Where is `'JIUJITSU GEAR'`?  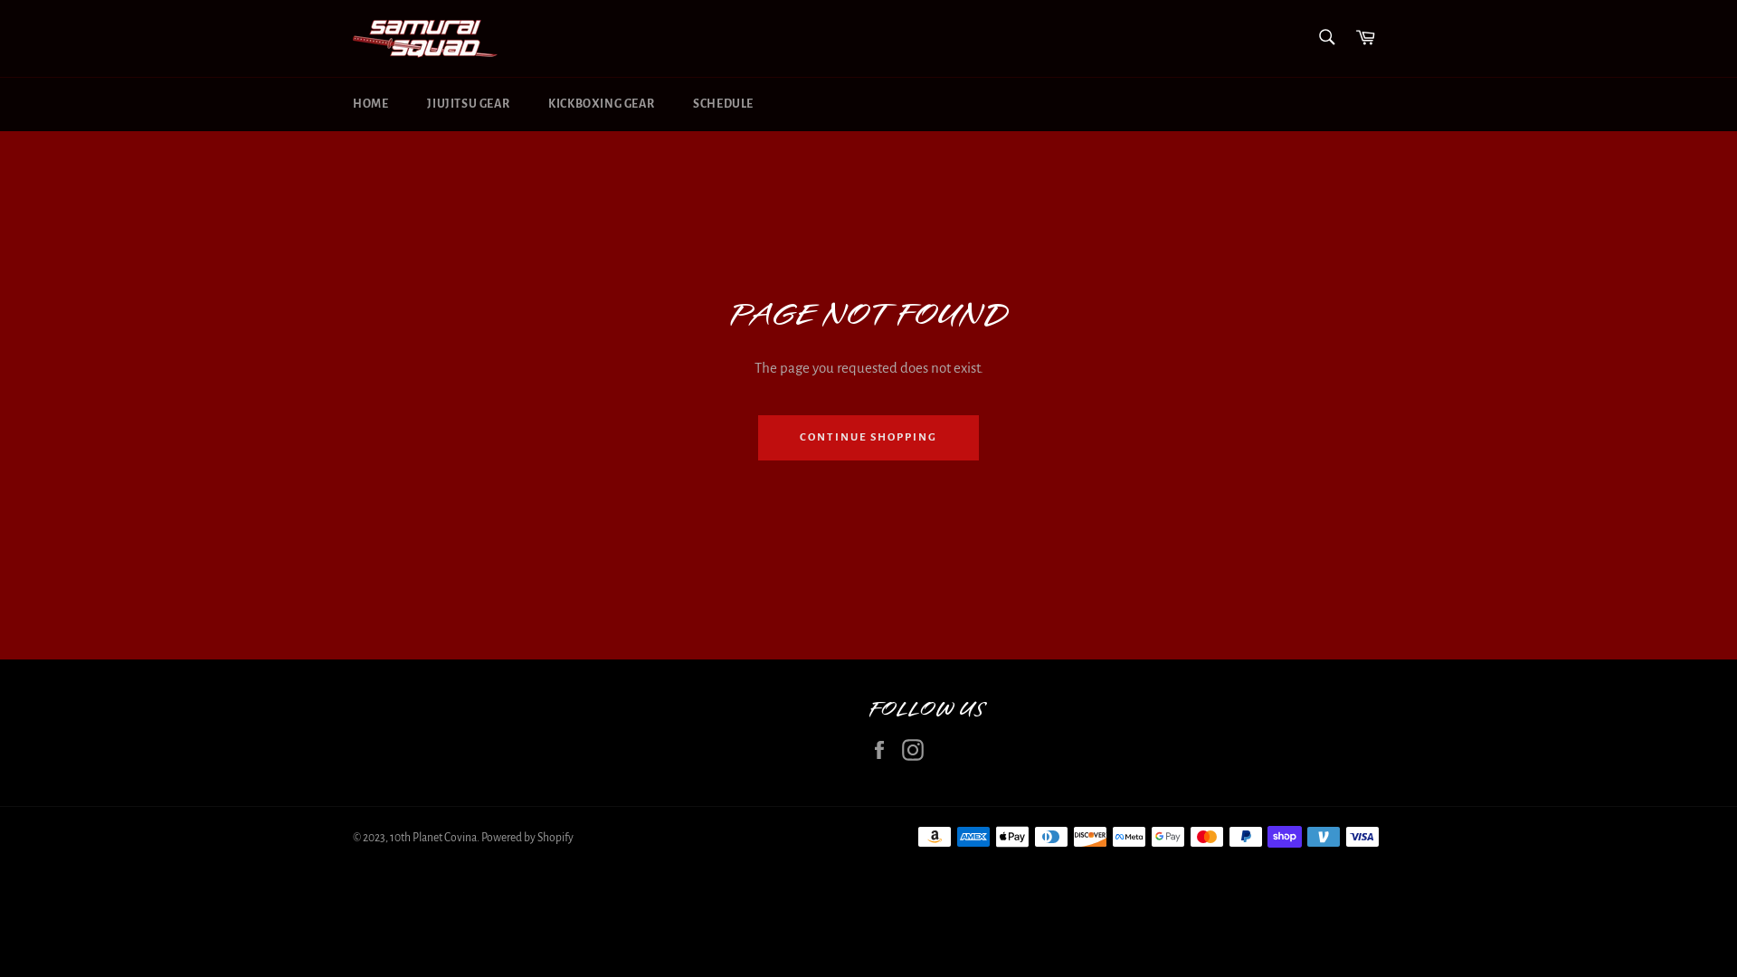 'JIUJITSU GEAR' is located at coordinates (407, 104).